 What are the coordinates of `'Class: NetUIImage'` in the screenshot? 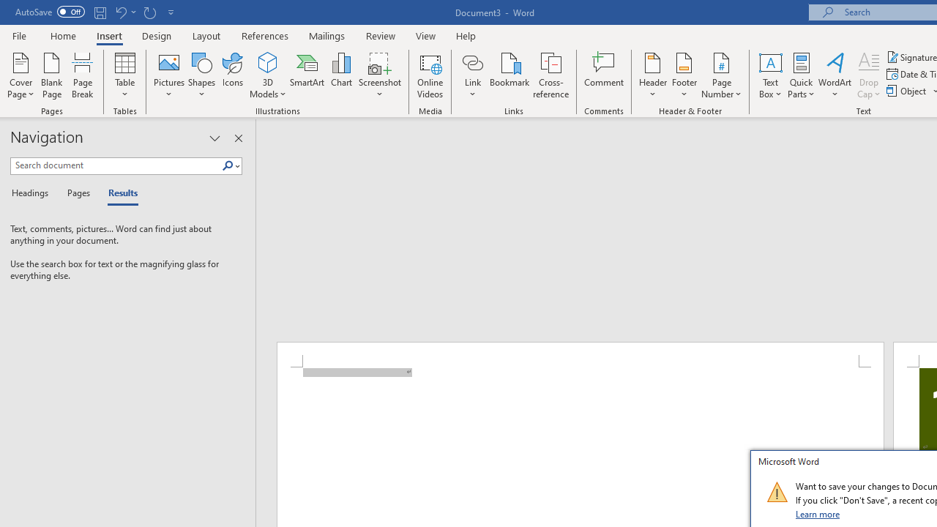 It's located at (776, 492).